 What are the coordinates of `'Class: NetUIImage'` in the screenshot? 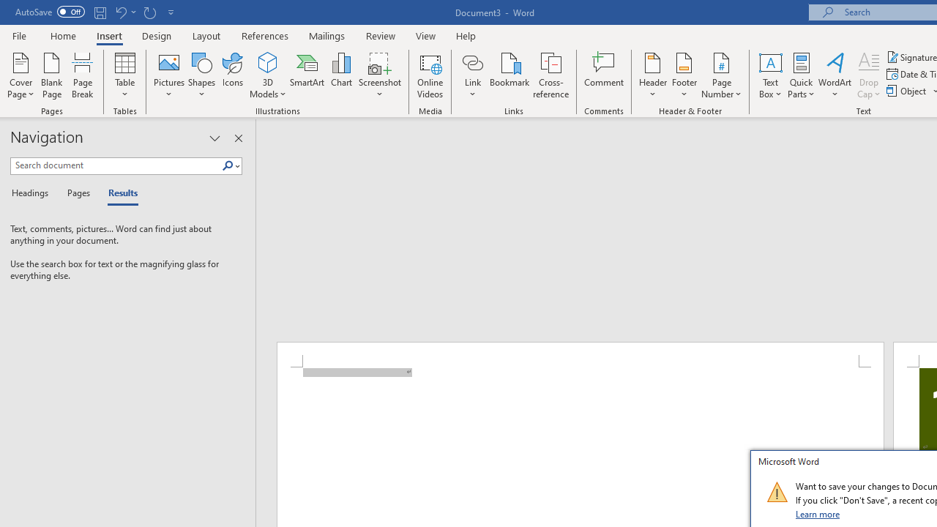 It's located at (776, 492).